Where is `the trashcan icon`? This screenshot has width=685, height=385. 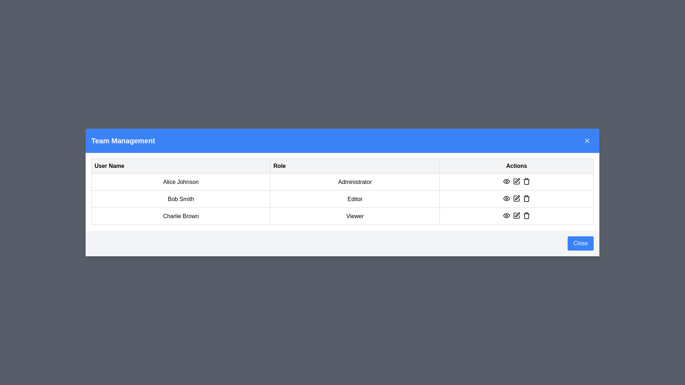
the trashcan icon is located at coordinates (527, 215).